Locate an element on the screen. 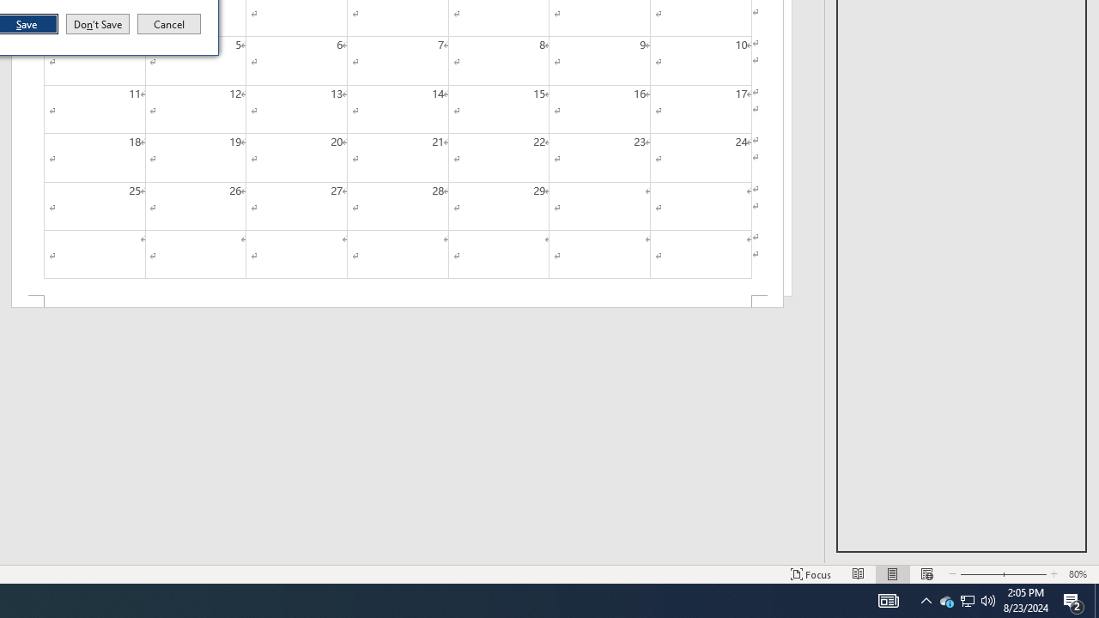 The width and height of the screenshot is (1099, 618). 'Zoom Out' is located at coordinates (976, 574).